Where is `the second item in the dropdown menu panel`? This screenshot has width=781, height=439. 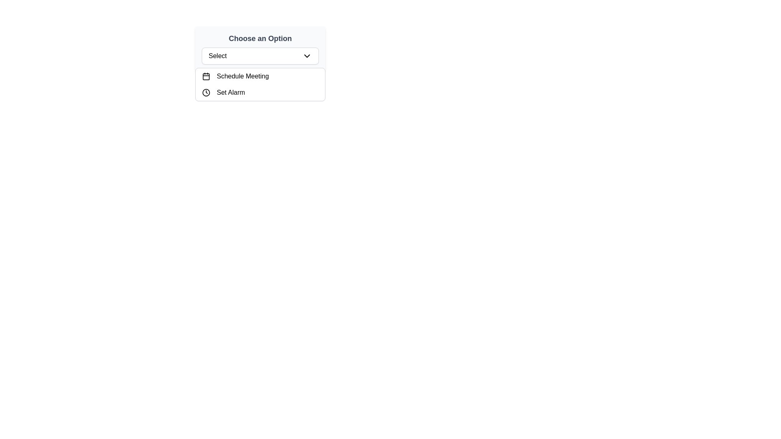
the second item in the dropdown menu panel is located at coordinates (260, 92).